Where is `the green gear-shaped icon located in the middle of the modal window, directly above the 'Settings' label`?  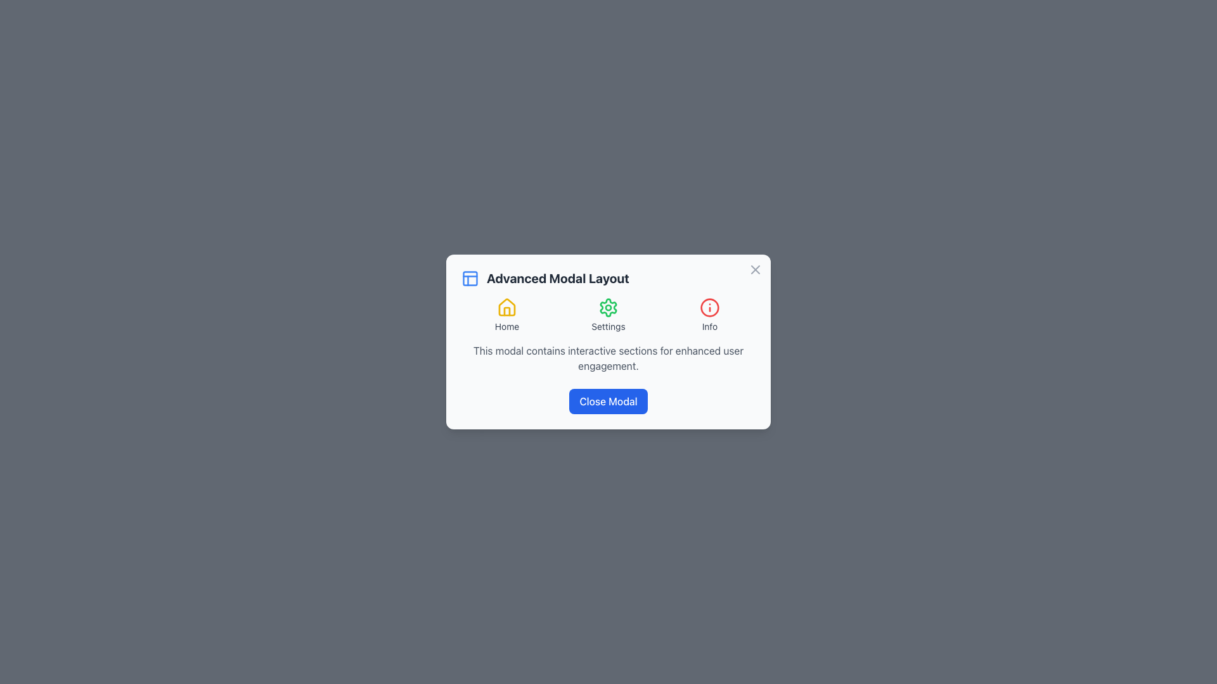
the green gear-shaped icon located in the middle of the modal window, directly above the 'Settings' label is located at coordinates (608, 308).